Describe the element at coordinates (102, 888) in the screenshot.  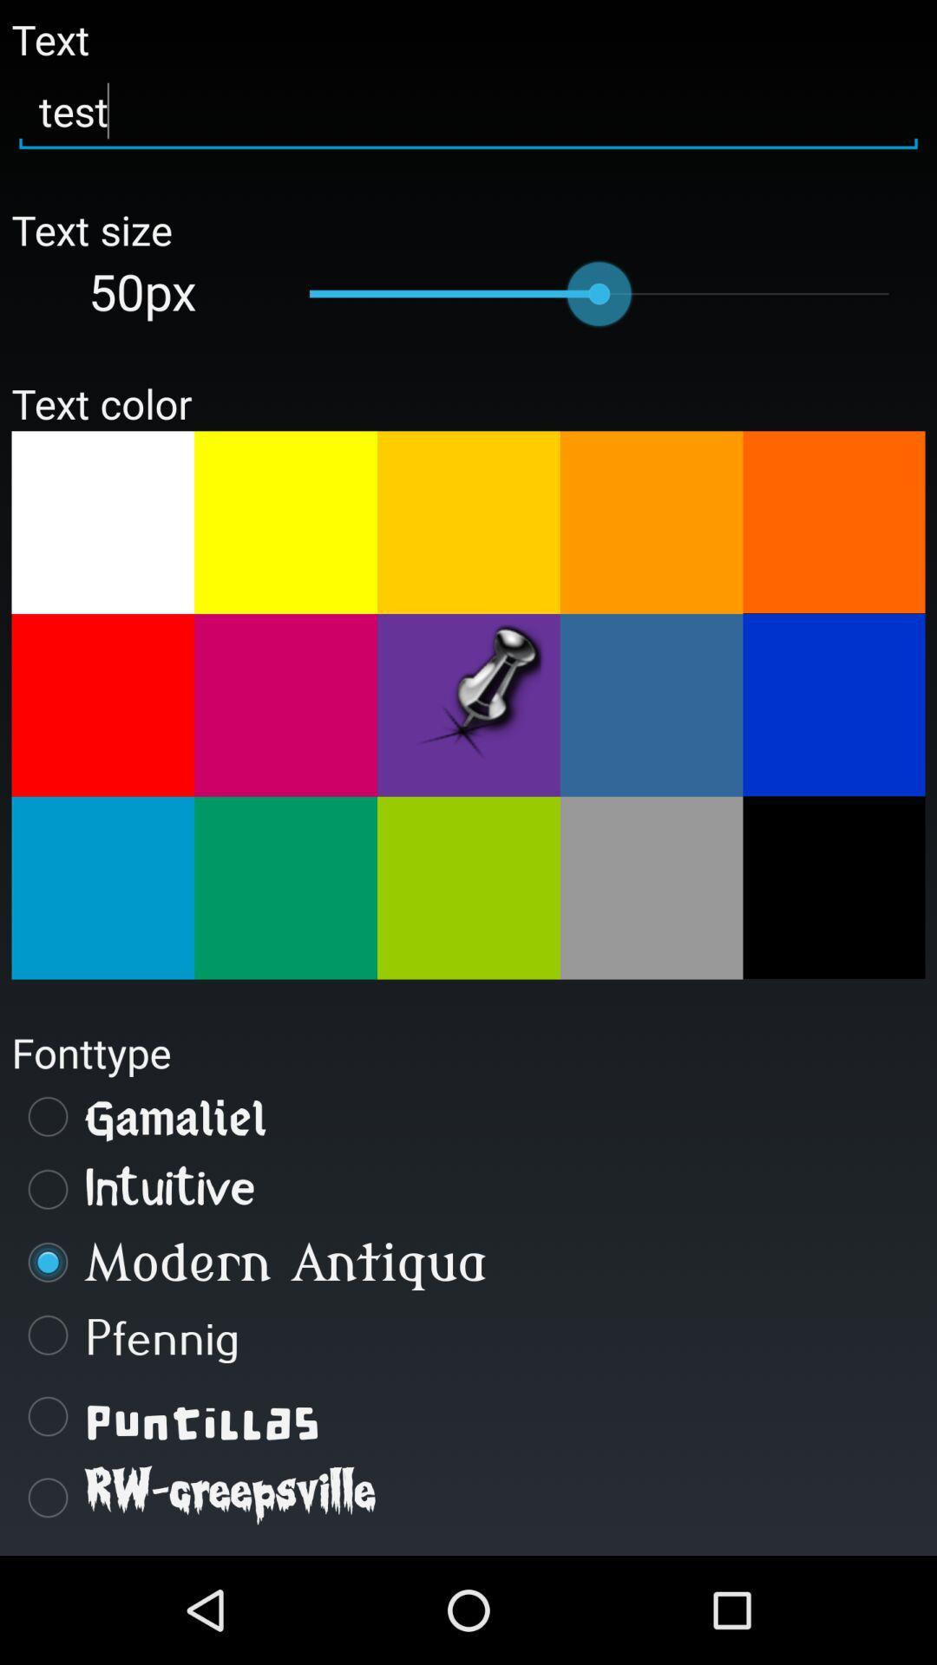
I see `change text color` at that location.